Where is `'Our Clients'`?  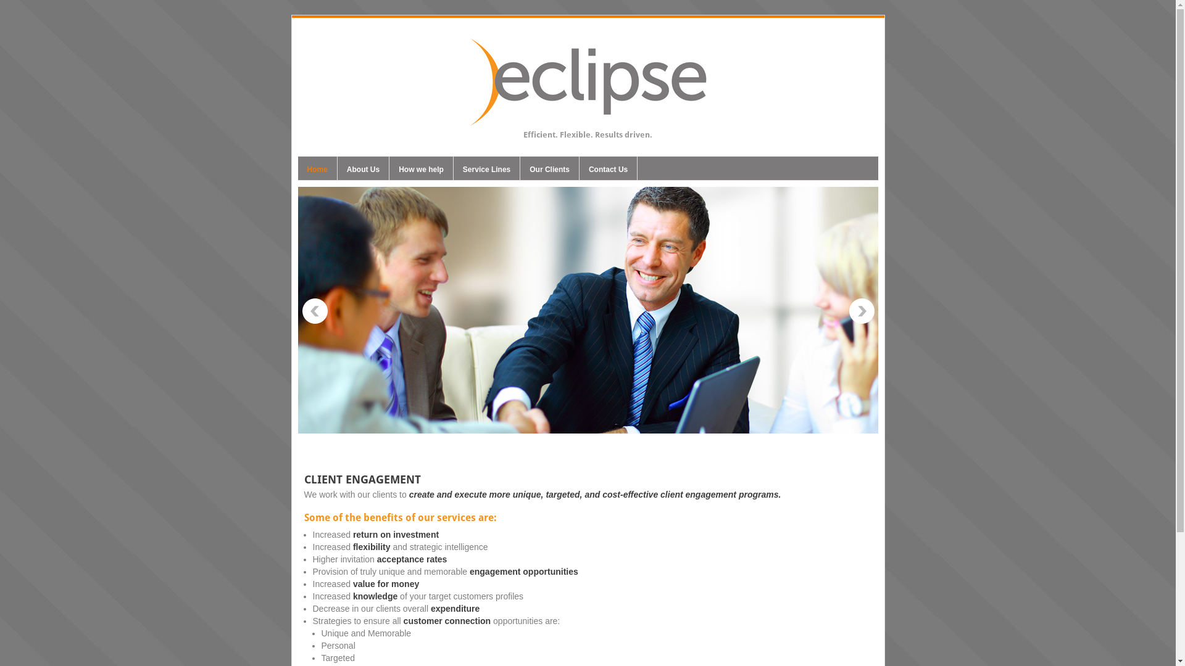 'Our Clients' is located at coordinates (549, 171).